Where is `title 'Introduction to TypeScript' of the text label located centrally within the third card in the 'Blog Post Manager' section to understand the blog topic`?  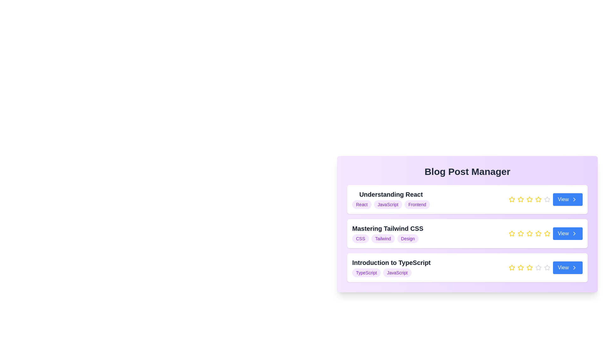
title 'Introduction to TypeScript' of the text label located centrally within the third card in the 'Blog Post Manager' section to understand the blog topic is located at coordinates (391, 268).